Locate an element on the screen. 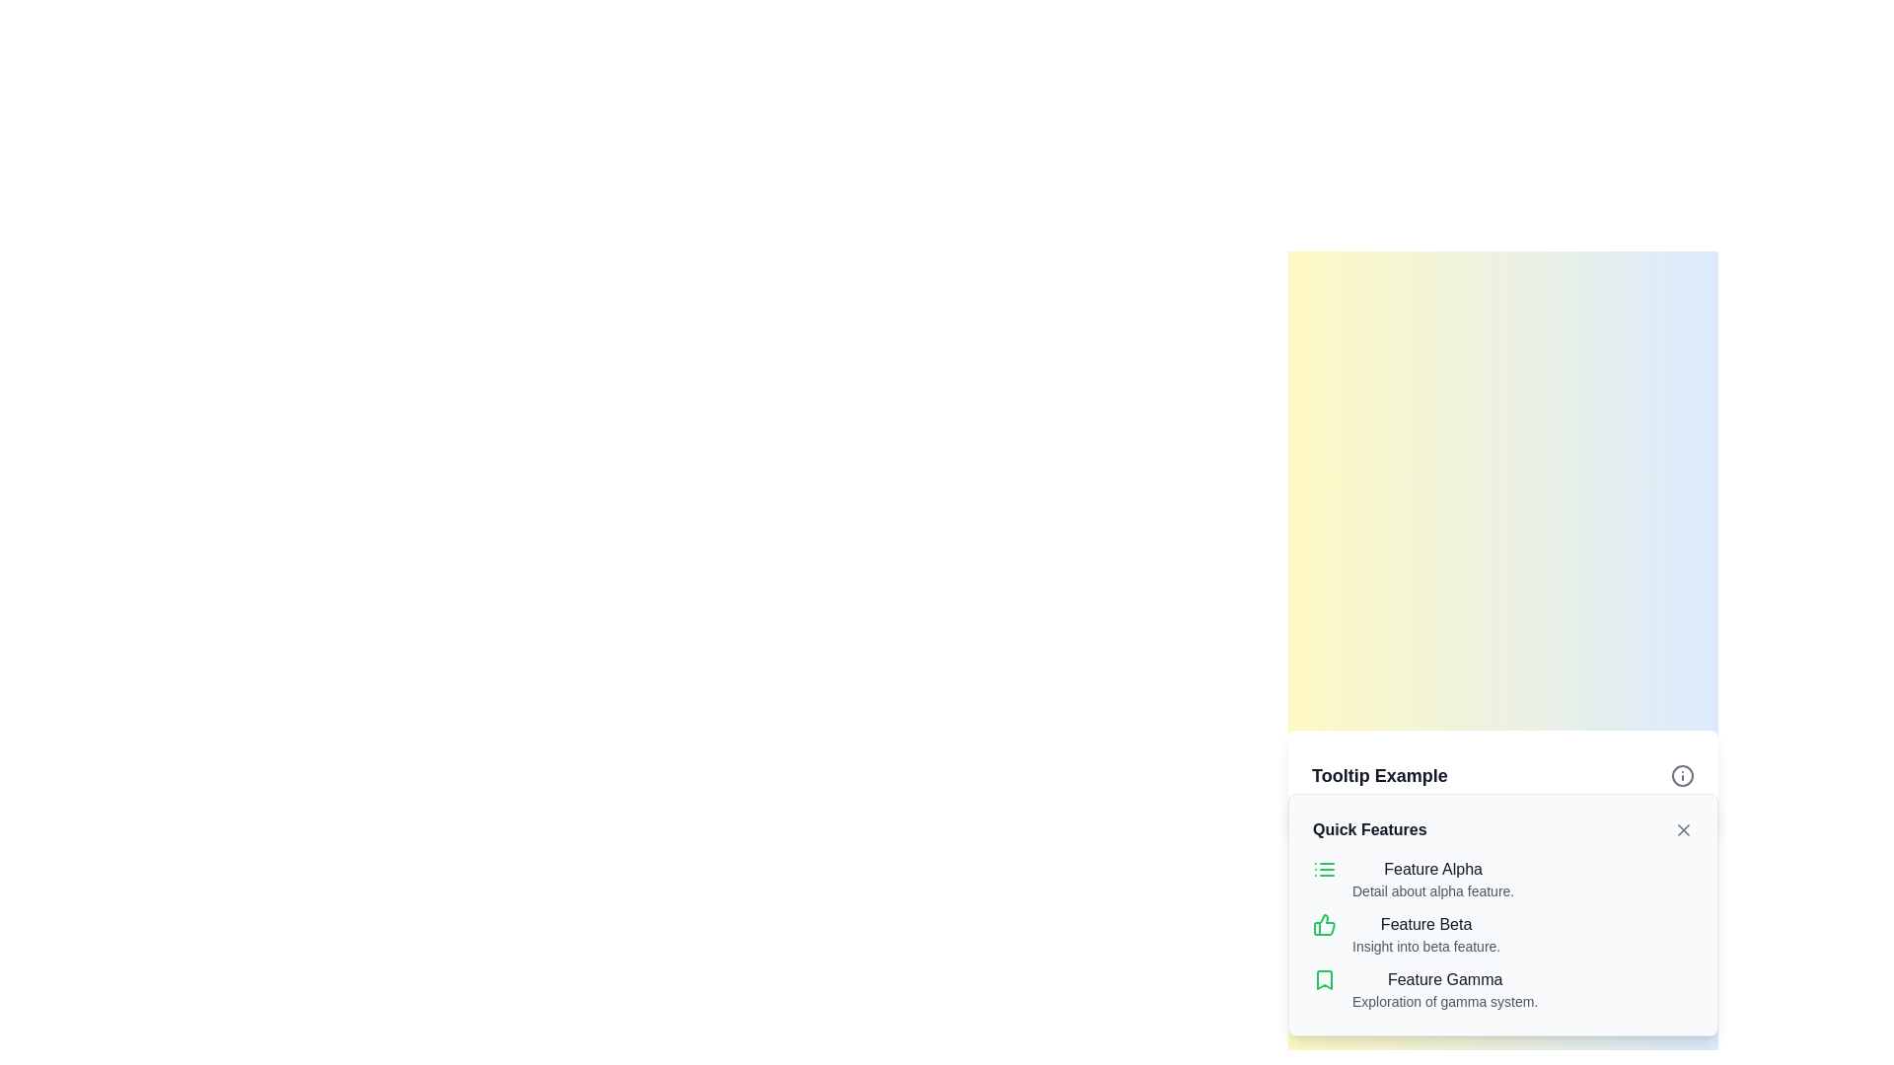  the state of the thumbs-up icon located at the bottom-right corner of the interface, which is part of a group of icons is located at coordinates (1324, 924).